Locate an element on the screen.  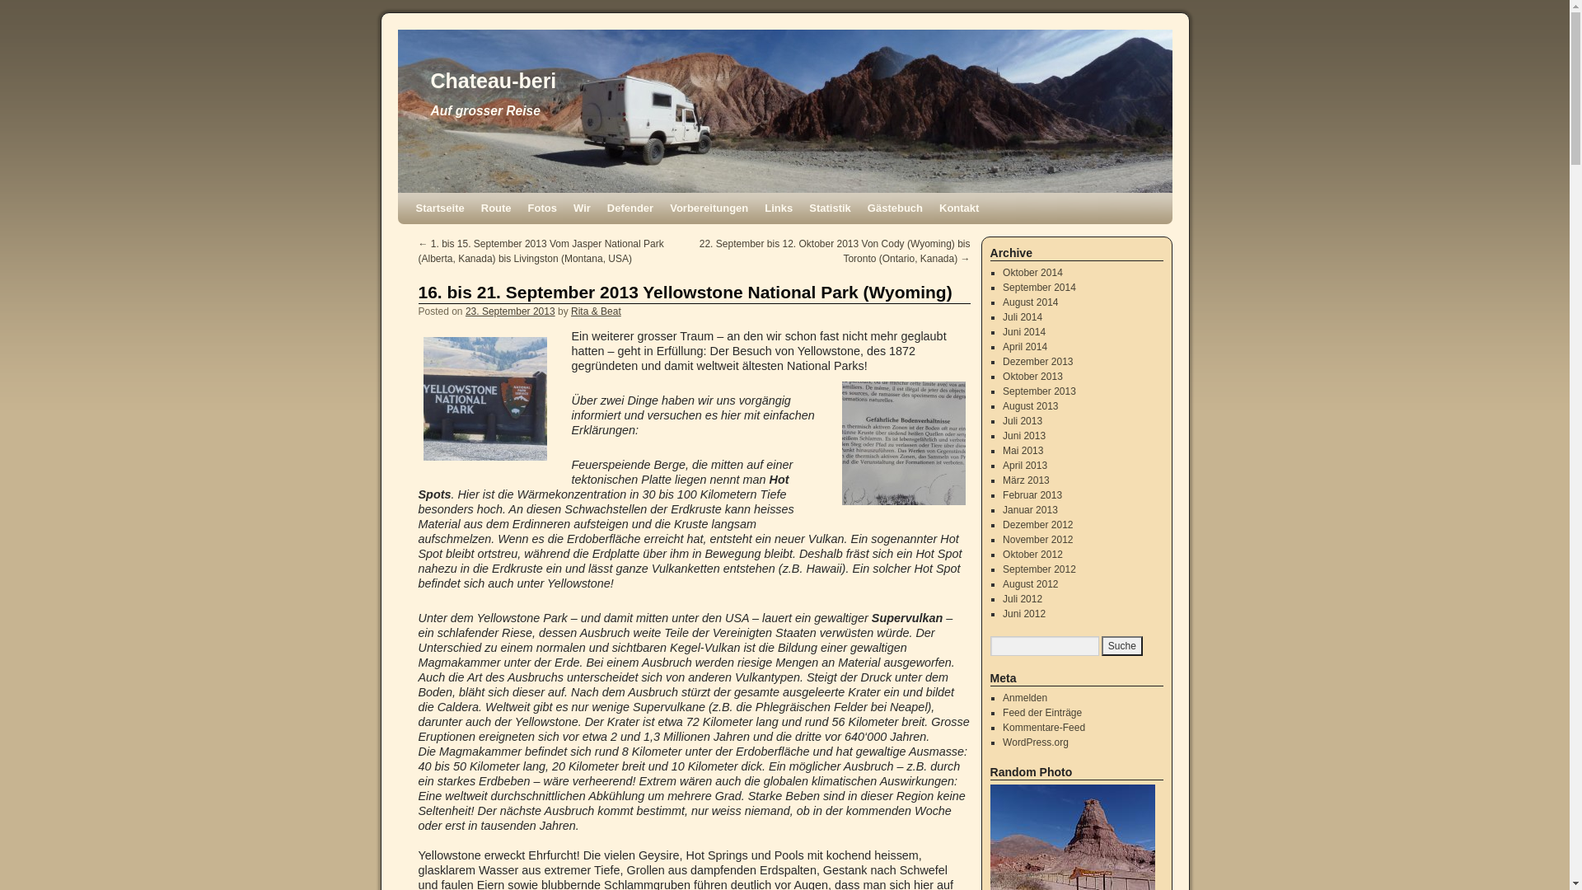
'Startseite' is located at coordinates (439, 208).